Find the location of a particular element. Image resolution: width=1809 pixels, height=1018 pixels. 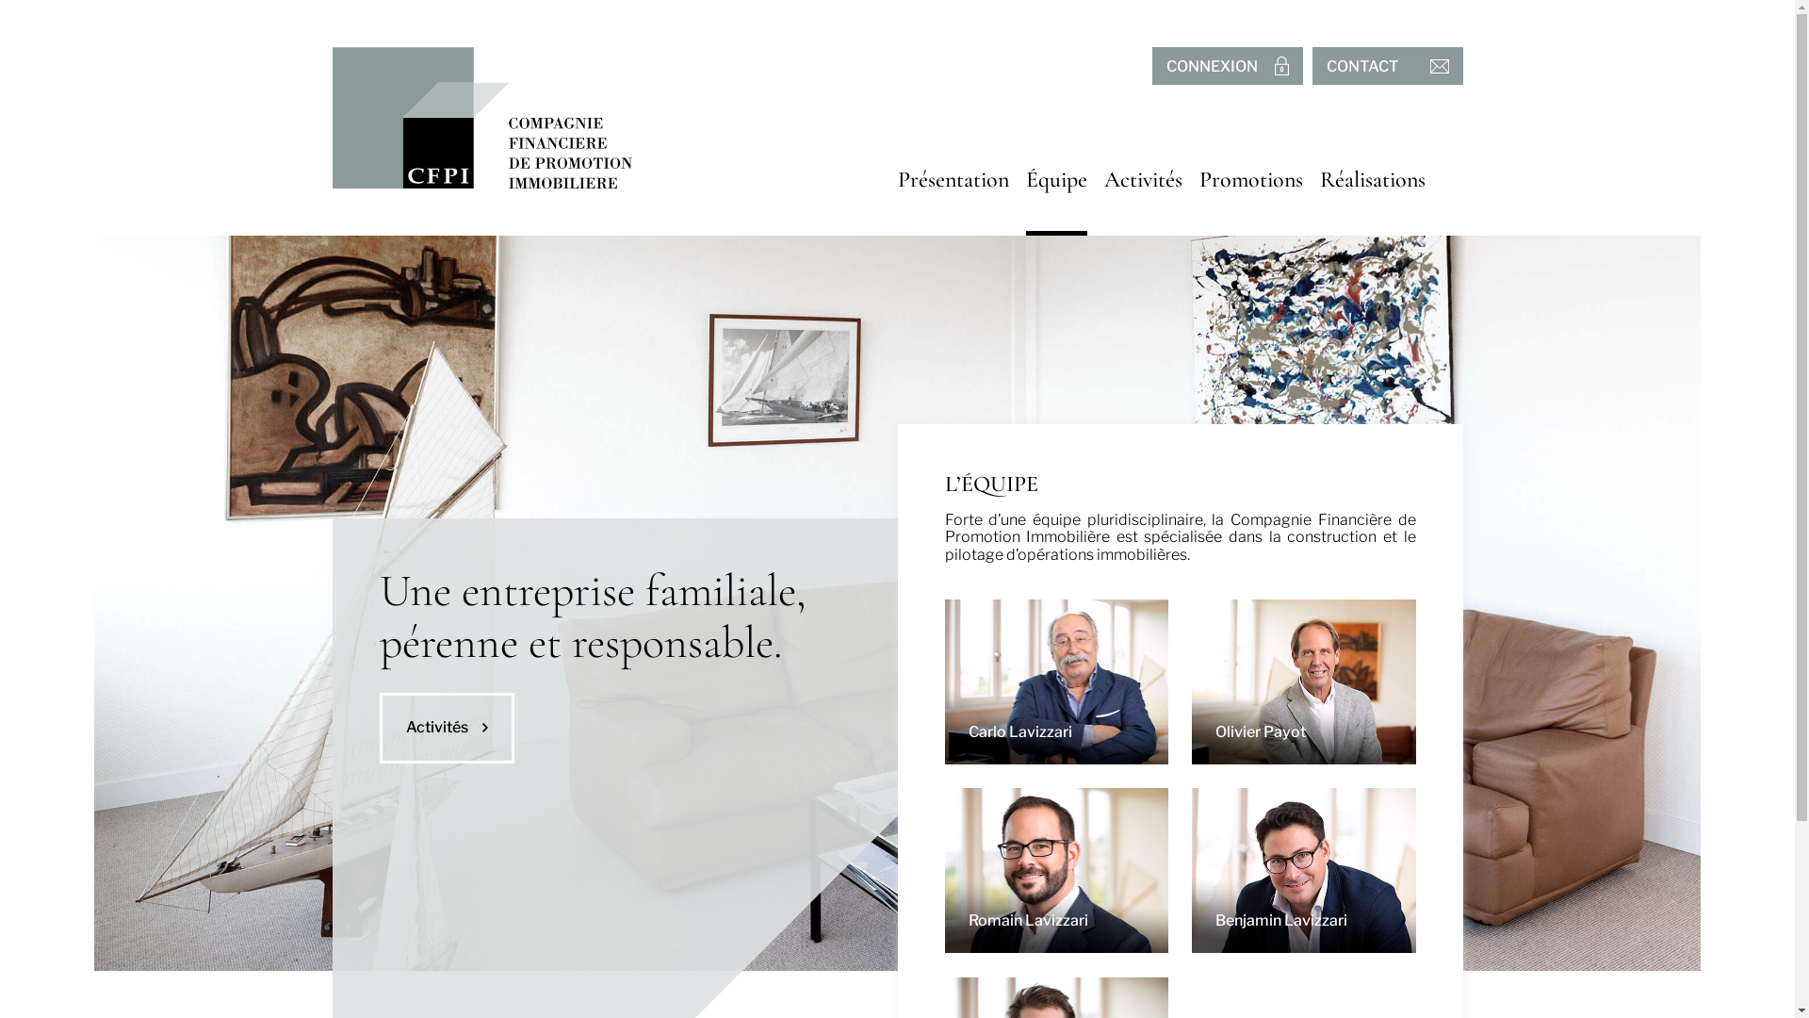

'Benjamin Lavizzari' is located at coordinates (1191, 870).